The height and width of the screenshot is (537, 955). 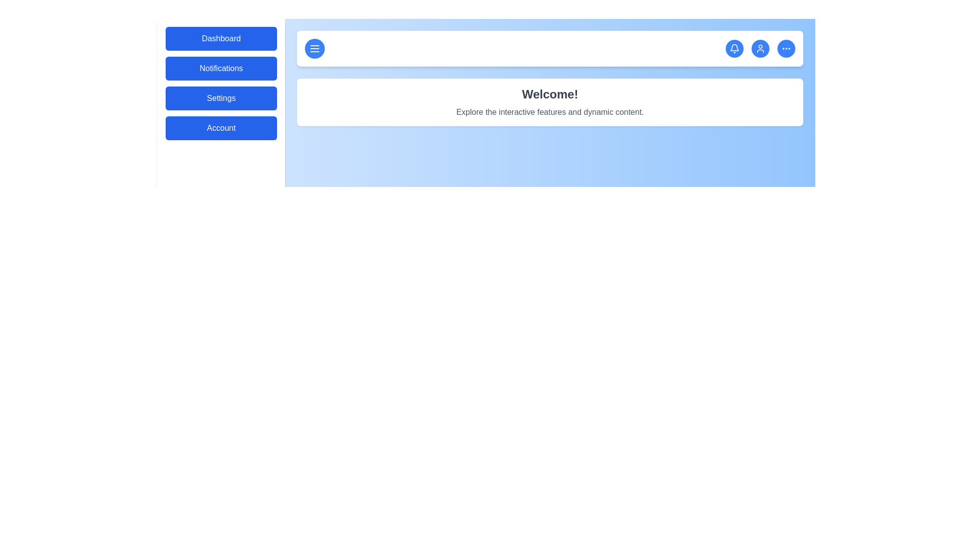 I want to click on the 'Account' menu item, so click(x=221, y=128).